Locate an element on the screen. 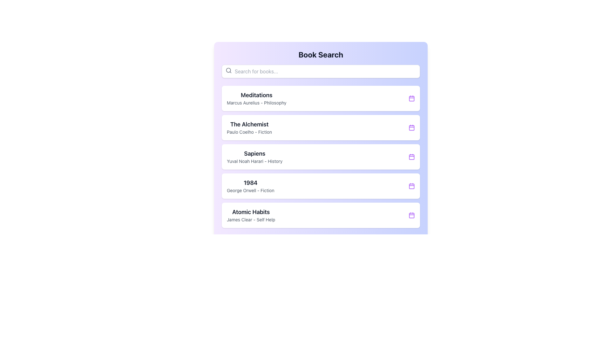 Image resolution: width=610 pixels, height=343 pixels. the 'Meditations' text block element is located at coordinates (256, 98).